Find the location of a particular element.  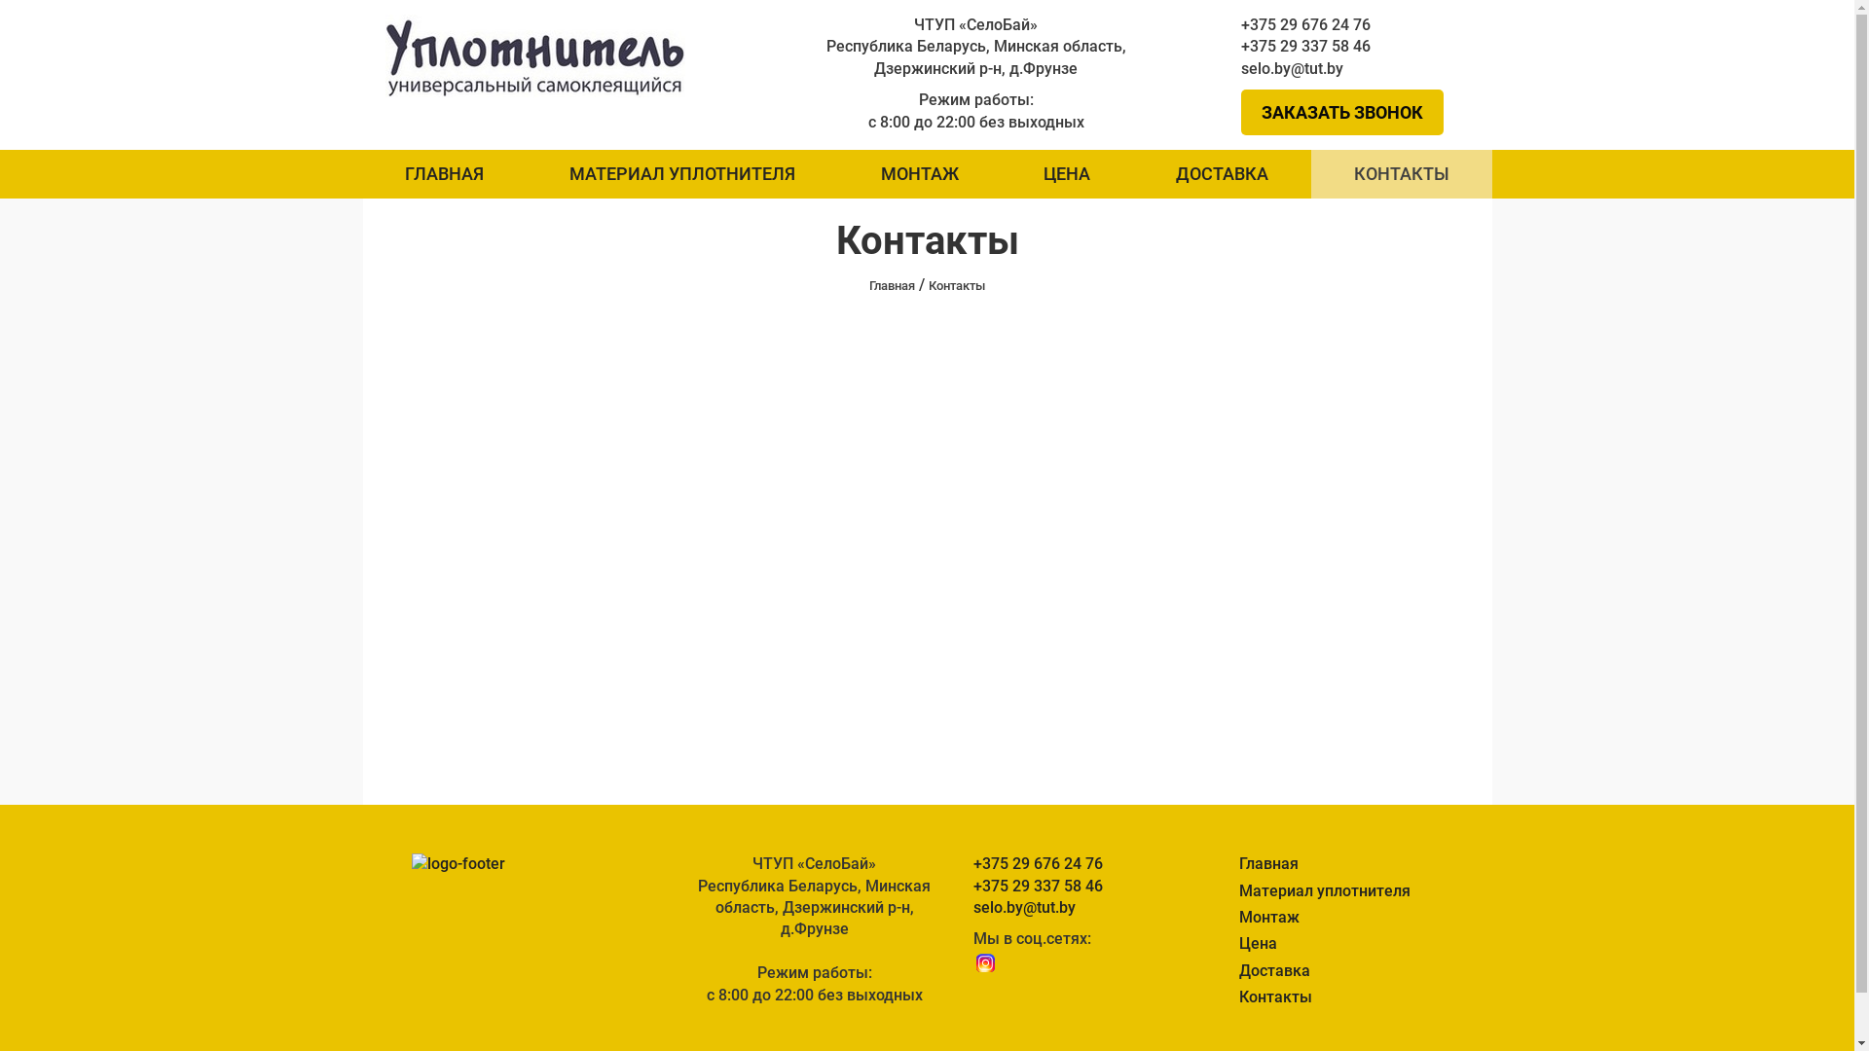

'plotno.by' is located at coordinates (535, 54).